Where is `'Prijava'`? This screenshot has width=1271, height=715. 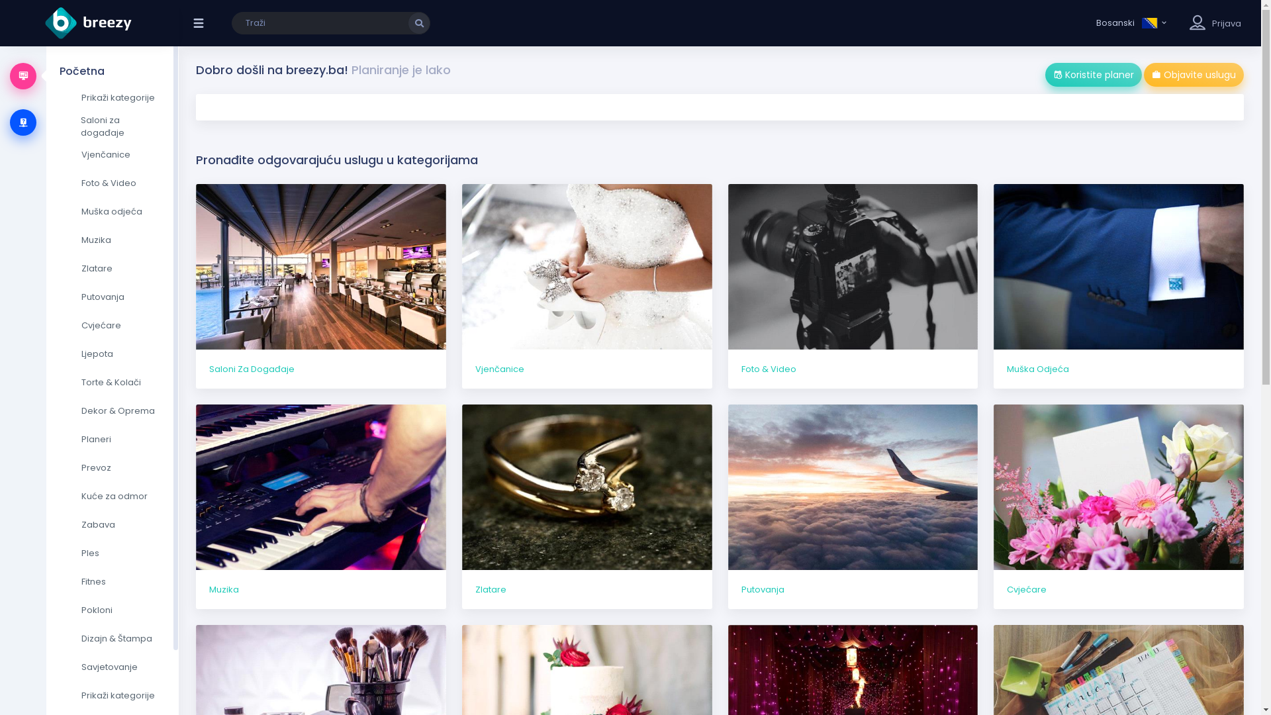 'Prijava' is located at coordinates (1225, 23).